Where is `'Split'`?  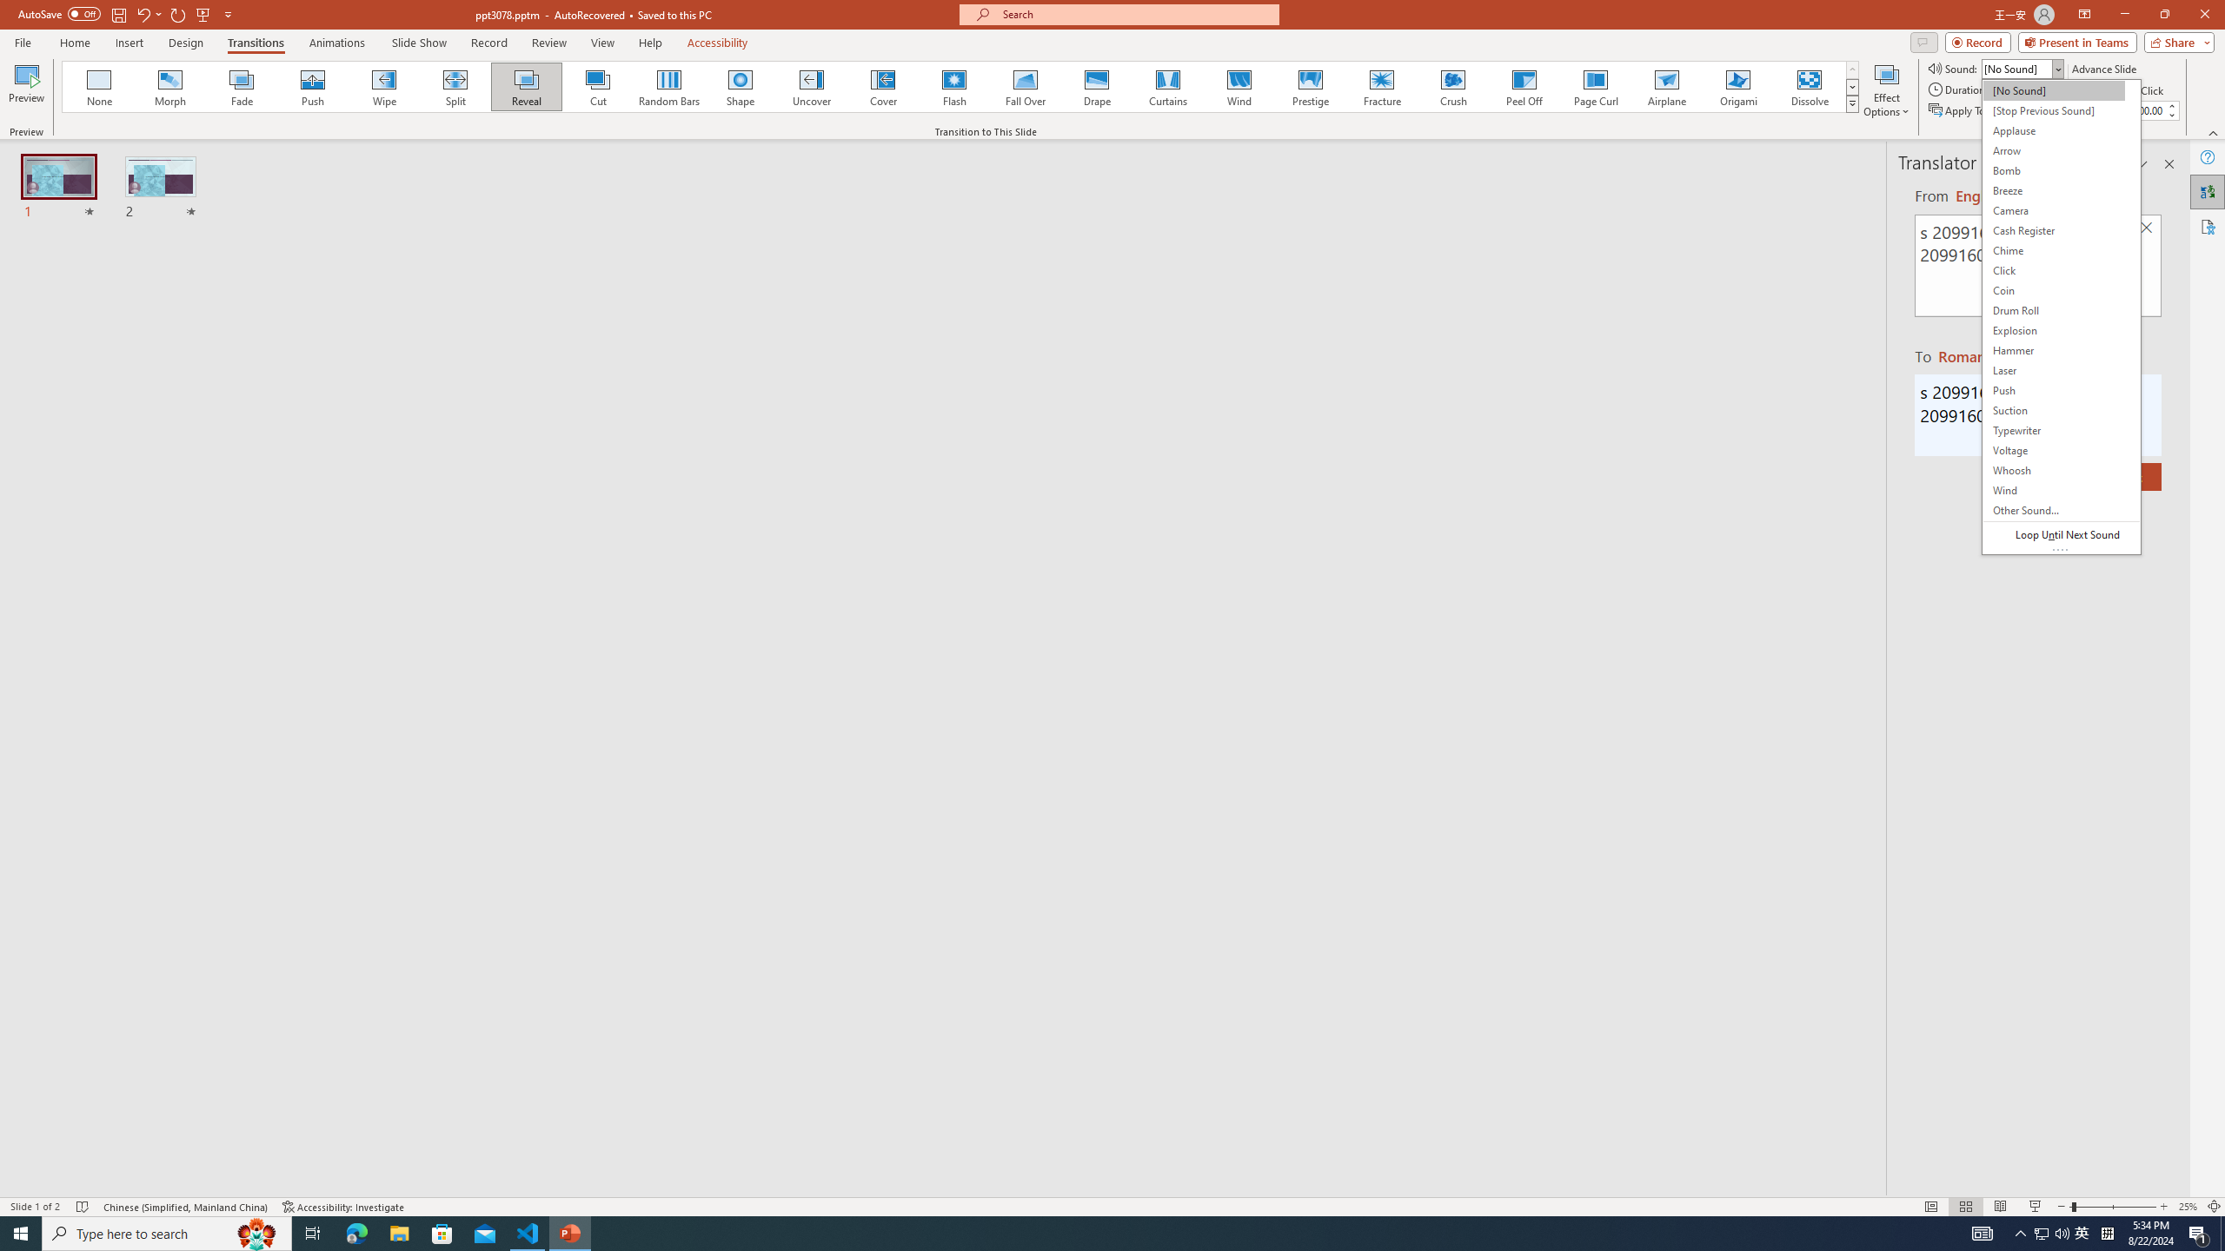
'Split' is located at coordinates (455, 86).